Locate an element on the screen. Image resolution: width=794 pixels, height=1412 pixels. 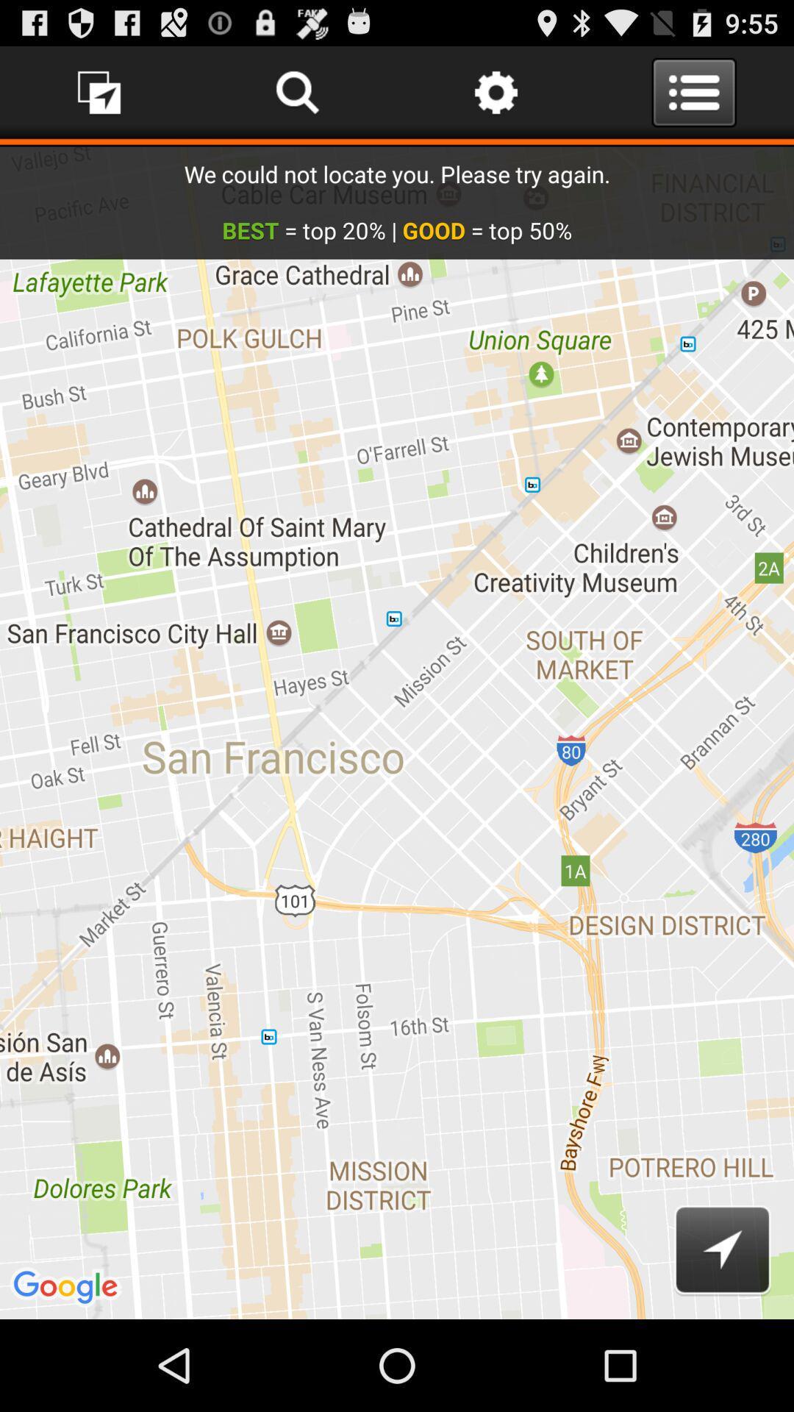
the list icon is located at coordinates (694, 98).